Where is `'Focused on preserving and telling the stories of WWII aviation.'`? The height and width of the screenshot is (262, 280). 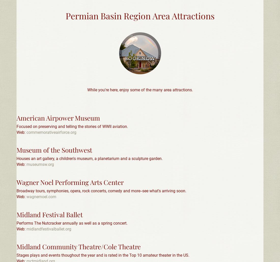
'Focused on preserving and telling the stories of WWII aviation.' is located at coordinates (72, 126).